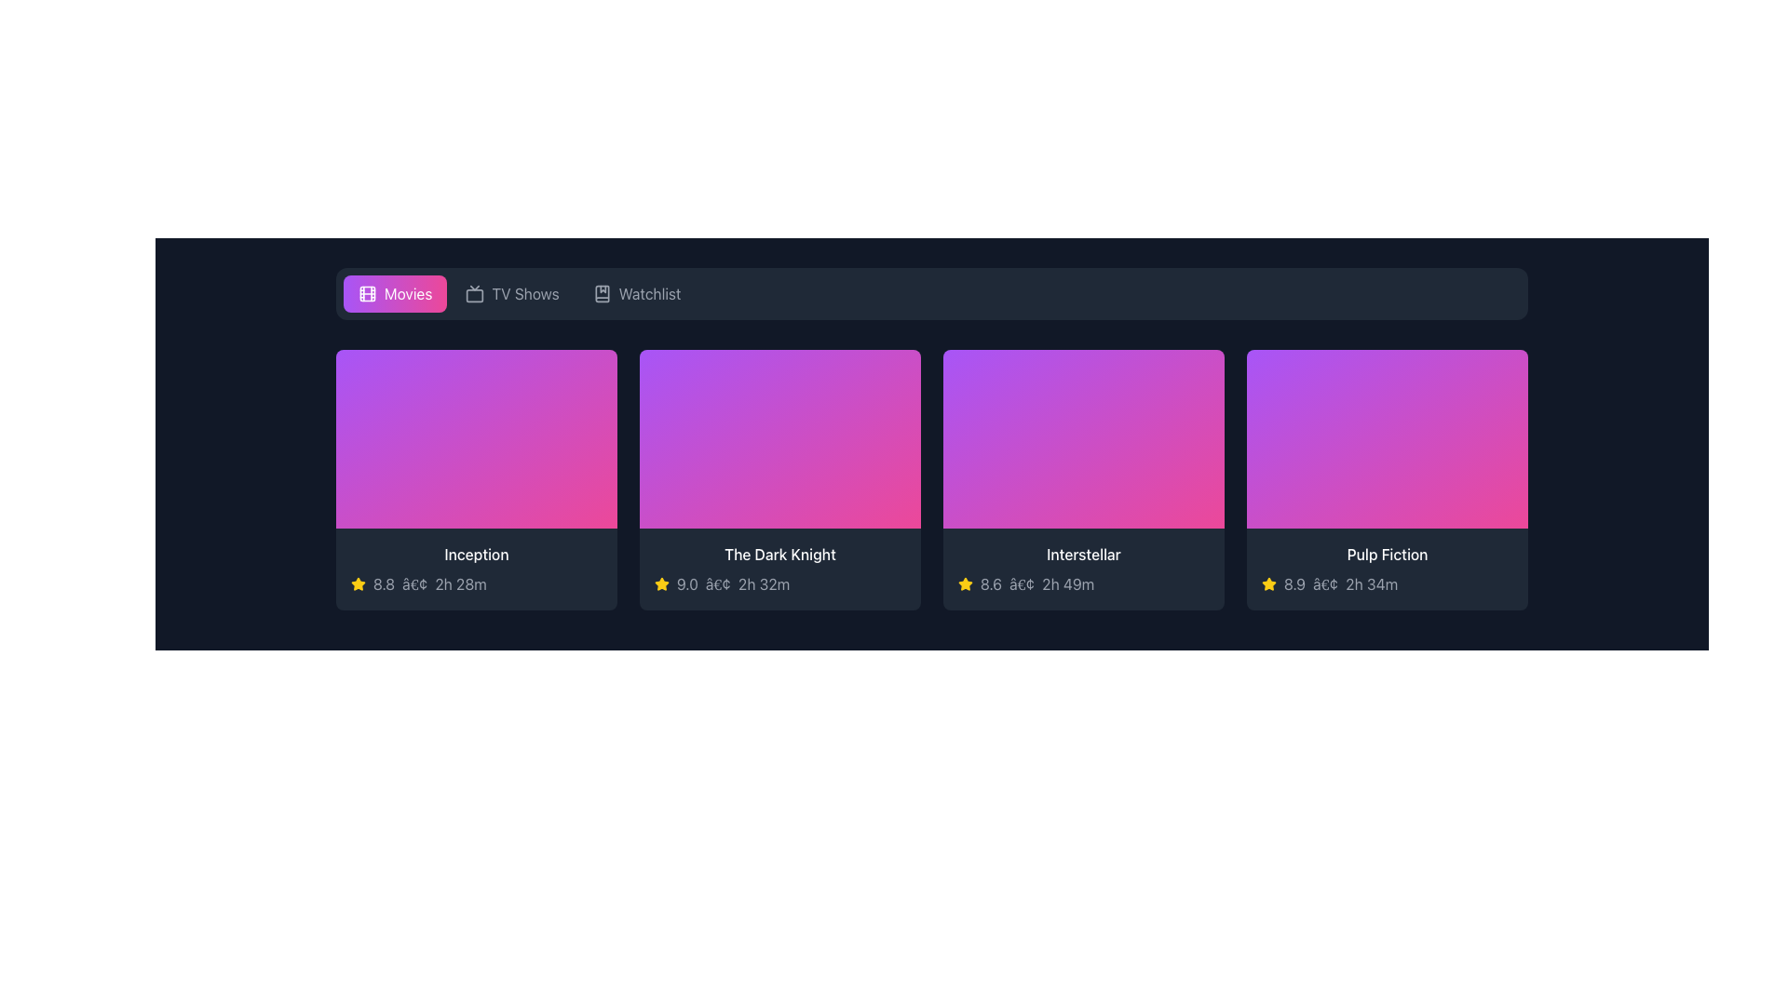 The width and height of the screenshot is (1788, 1005). What do you see at coordinates (780, 583) in the screenshot?
I see `the rating and duration information for the movie 'The Dark Knight', which is displayed as text along with an icon, positioned at the bottom of the movie card` at bounding box center [780, 583].